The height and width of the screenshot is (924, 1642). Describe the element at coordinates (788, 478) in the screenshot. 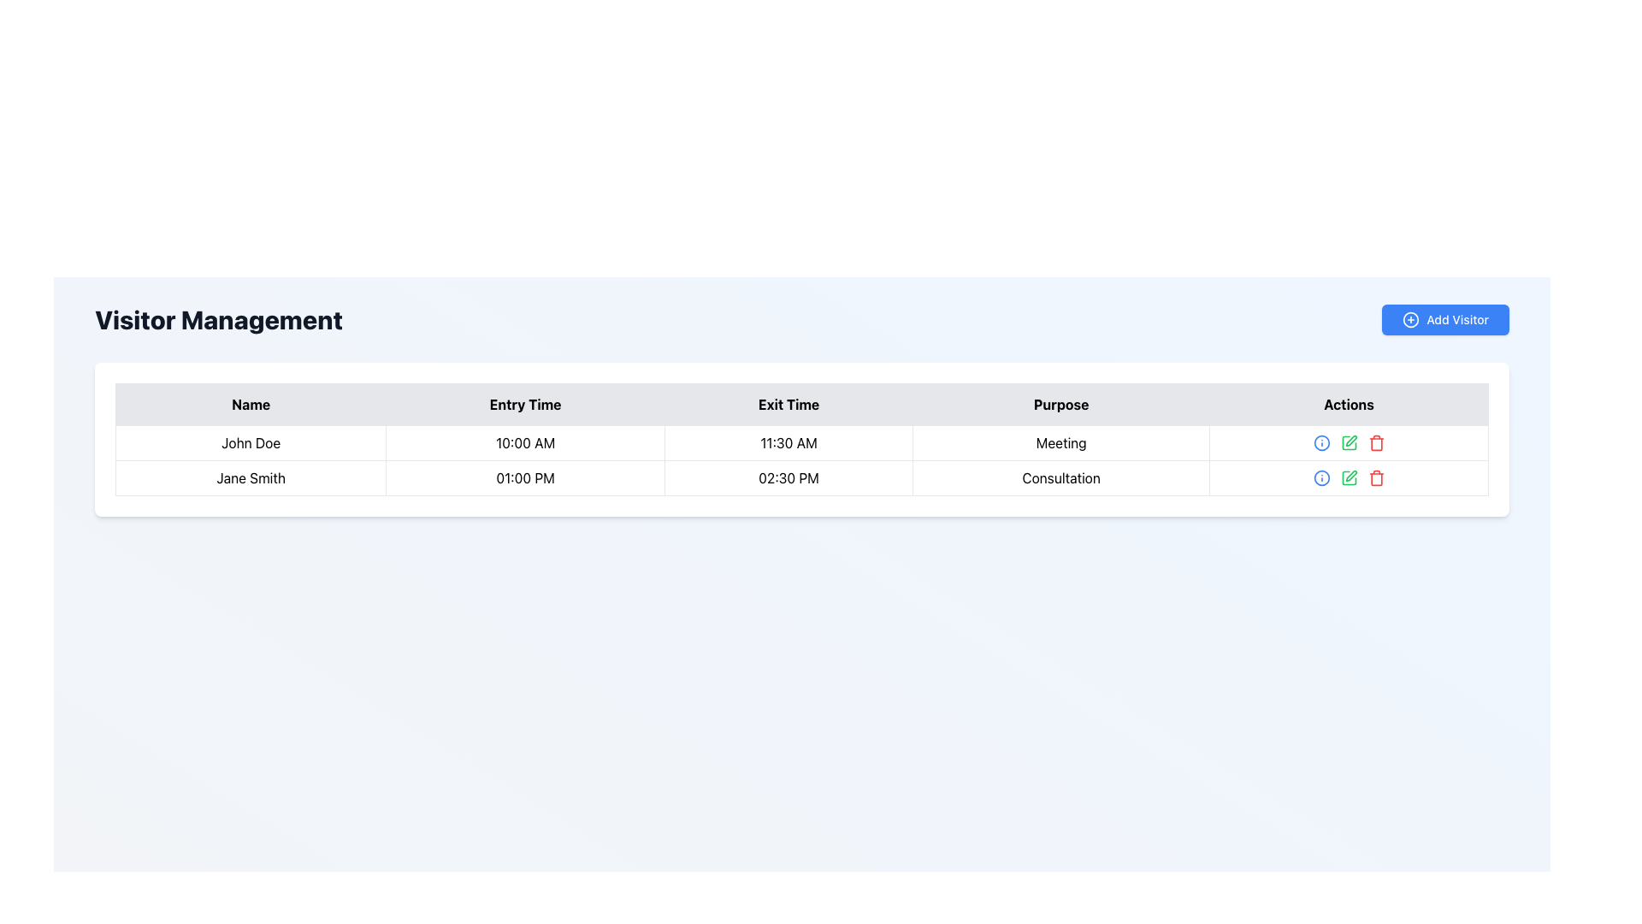

I see `static text label displaying the time '02:30 PM' located in the second row of the table under the 'Exit Time' column` at that location.